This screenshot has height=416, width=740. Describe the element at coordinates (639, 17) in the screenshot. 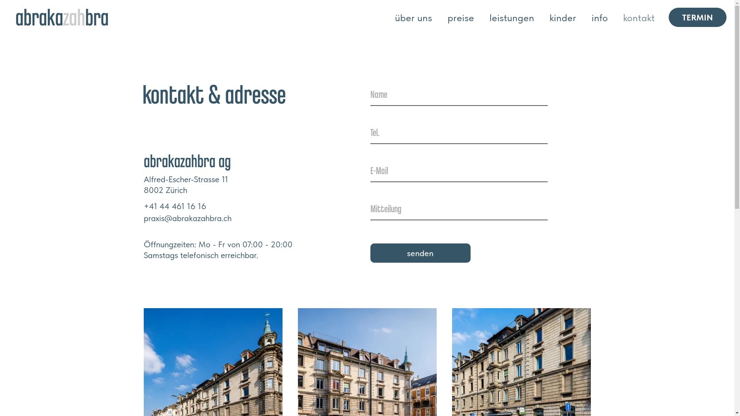

I see `'kontakt'` at that location.